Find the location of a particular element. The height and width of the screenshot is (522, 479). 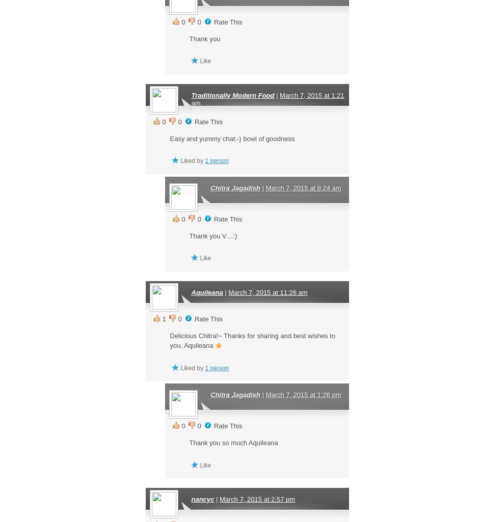

'March 7, 2015 at 11:26 am' is located at coordinates (267, 292).